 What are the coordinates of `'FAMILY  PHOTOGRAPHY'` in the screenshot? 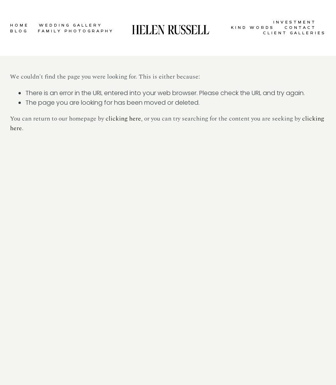 It's located at (37, 30).